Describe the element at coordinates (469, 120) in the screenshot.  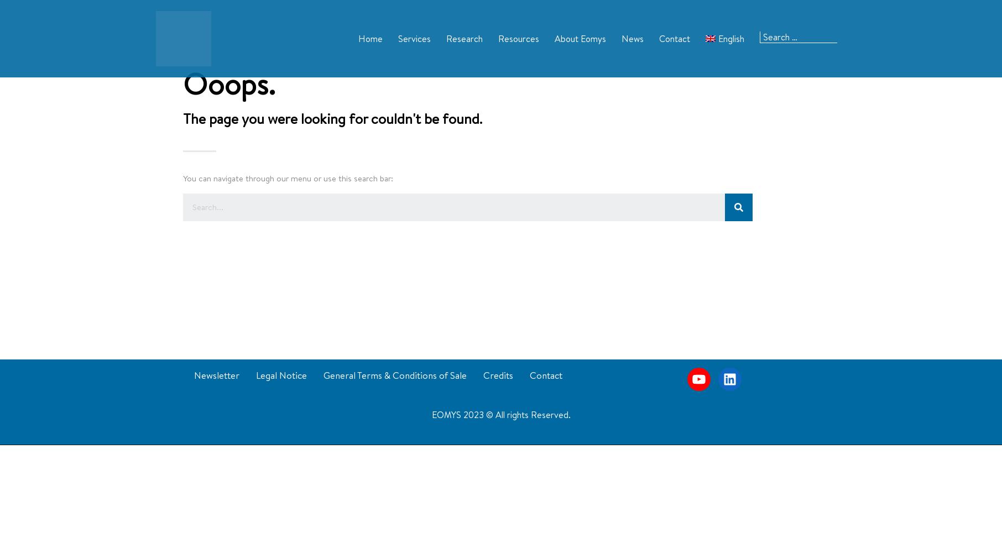
I see `'Patents'` at that location.